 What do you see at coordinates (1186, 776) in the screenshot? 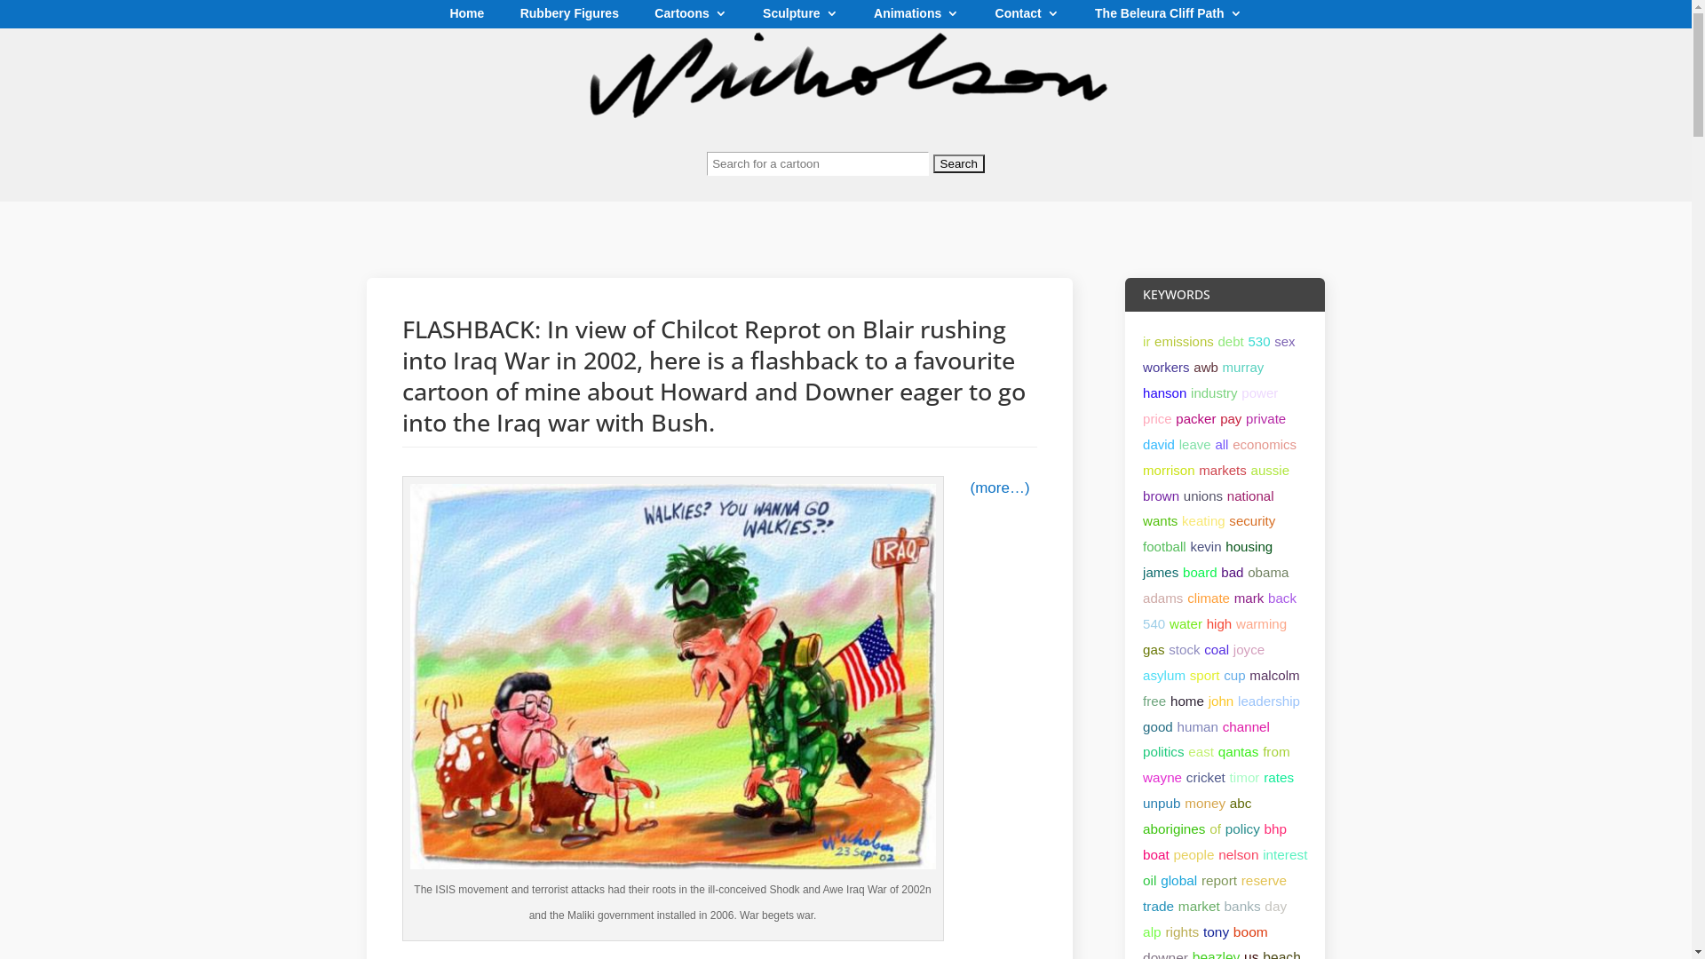
I see `'cricket'` at bounding box center [1186, 776].